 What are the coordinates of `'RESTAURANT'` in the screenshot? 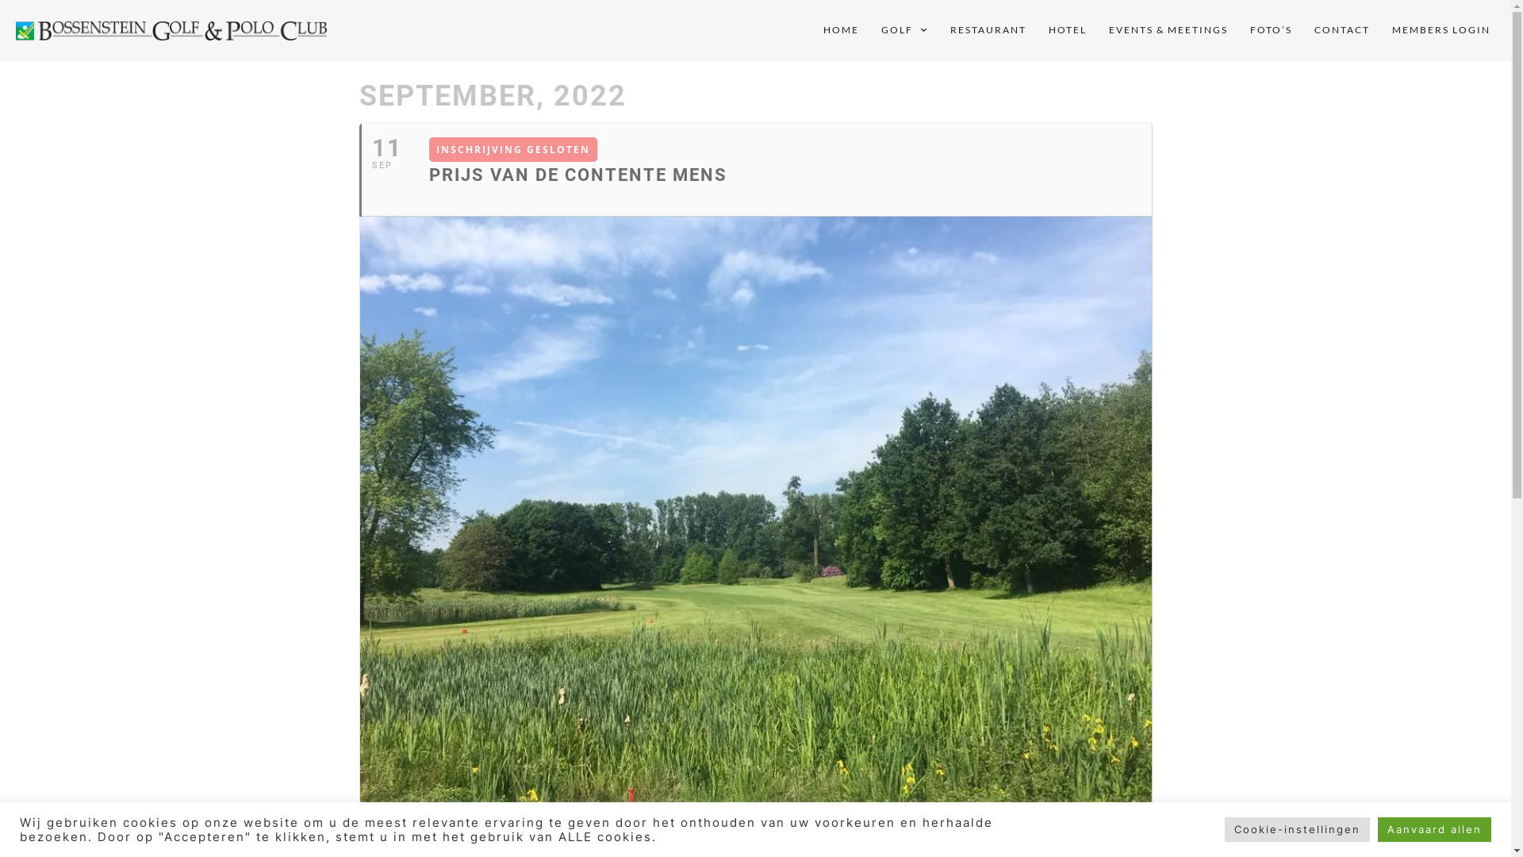 It's located at (988, 30).